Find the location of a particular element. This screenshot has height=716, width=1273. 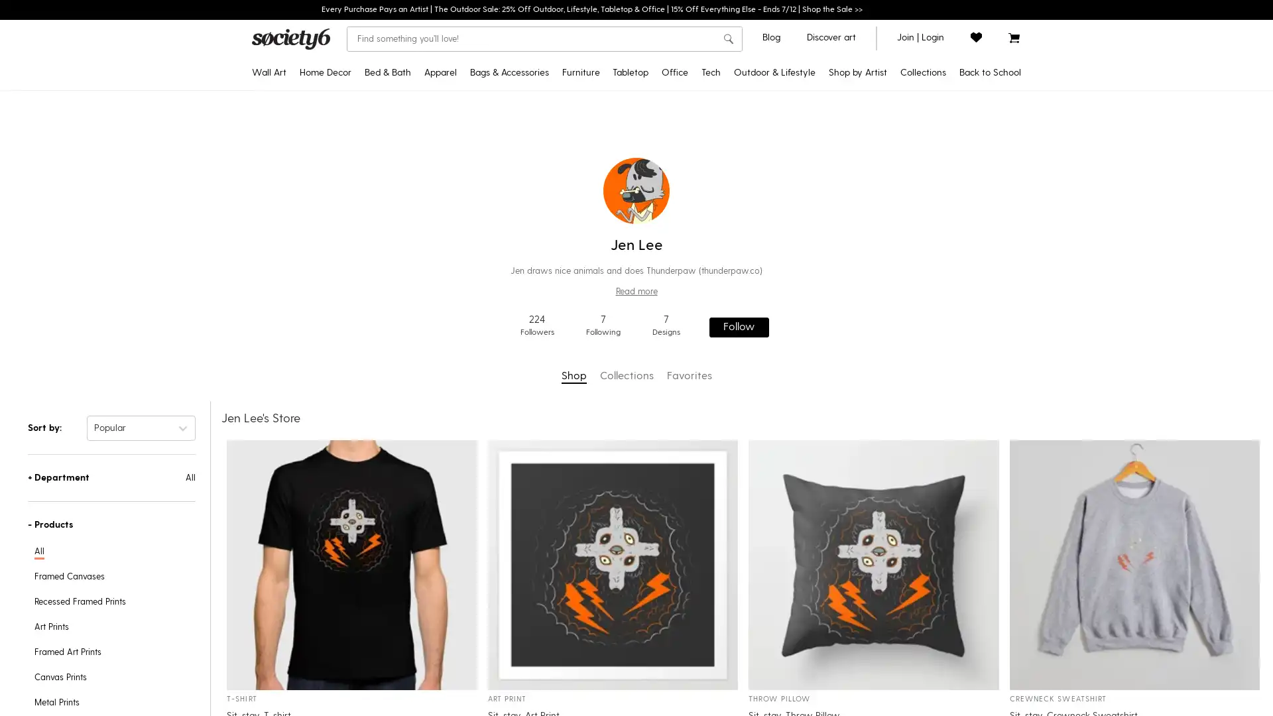

Throw Pillows is located at coordinates (350, 127).